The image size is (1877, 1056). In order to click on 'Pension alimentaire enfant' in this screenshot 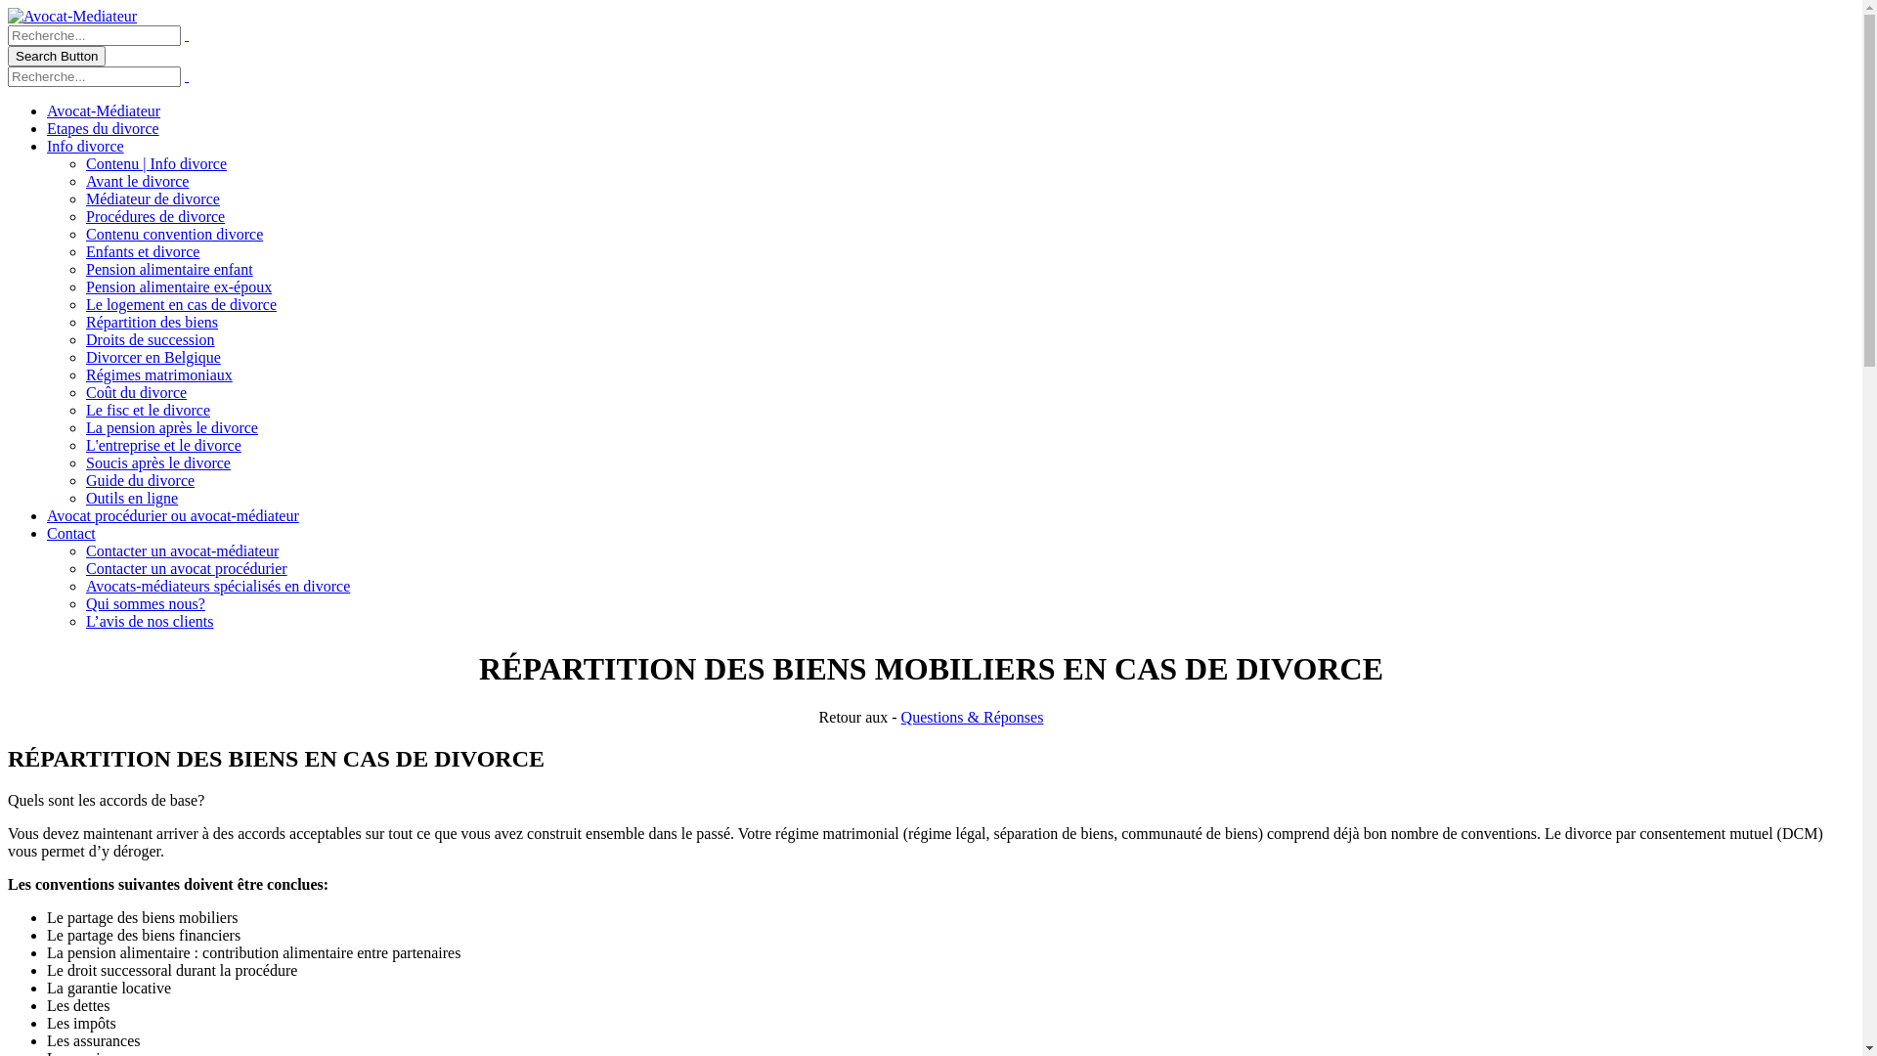, I will do `click(169, 269)`.